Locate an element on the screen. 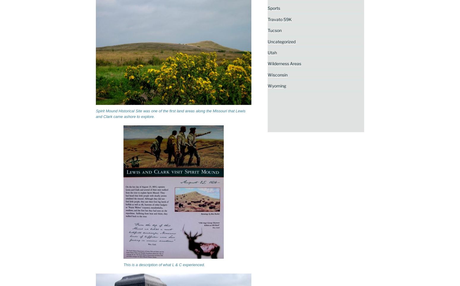 The width and height of the screenshot is (460, 286). 'Sports' is located at coordinates (273, 8).